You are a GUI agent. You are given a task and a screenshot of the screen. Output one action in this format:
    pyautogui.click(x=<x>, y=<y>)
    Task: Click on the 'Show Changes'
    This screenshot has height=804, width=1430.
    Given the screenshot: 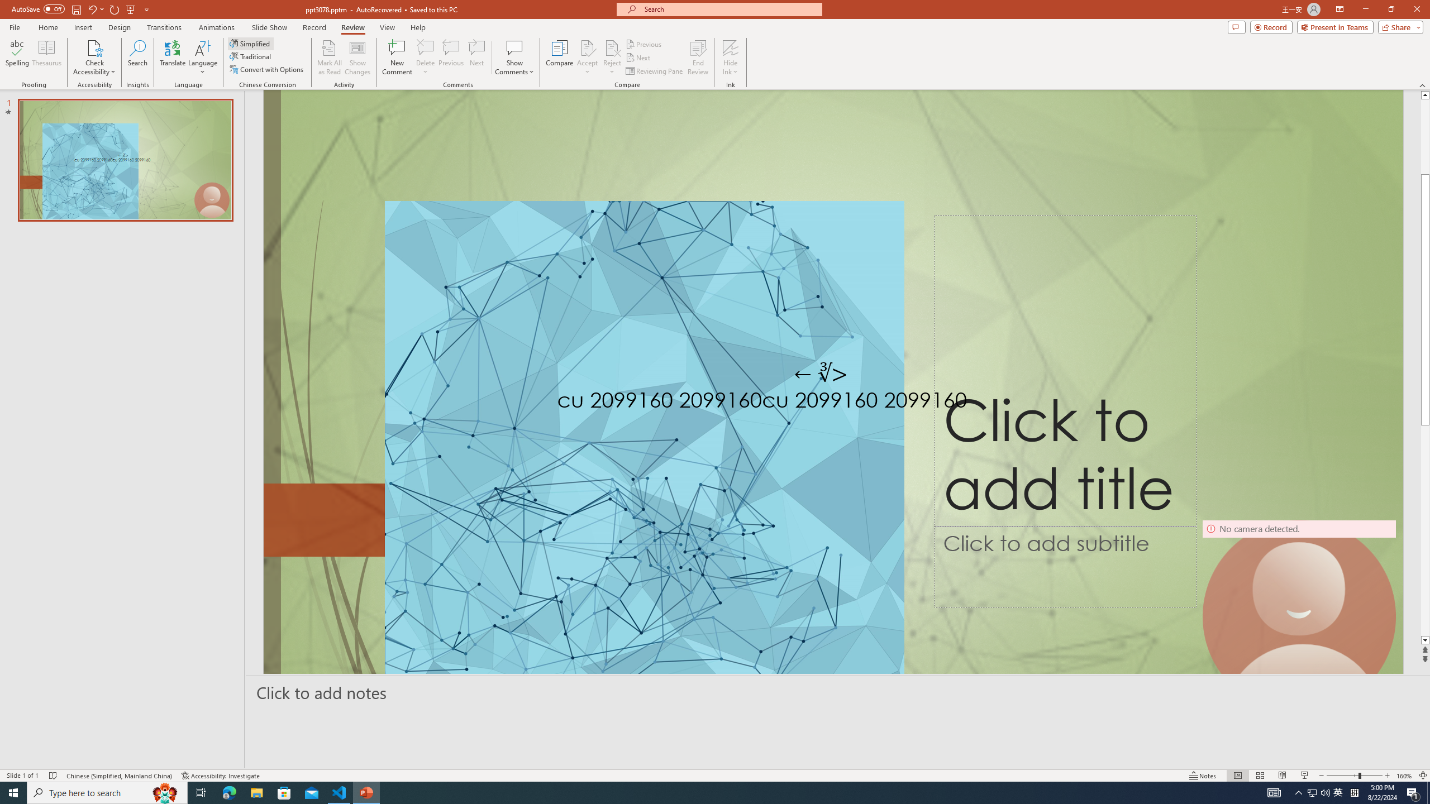 What is the action you would take?
    pyautogui.click(x=357, y=58)
    